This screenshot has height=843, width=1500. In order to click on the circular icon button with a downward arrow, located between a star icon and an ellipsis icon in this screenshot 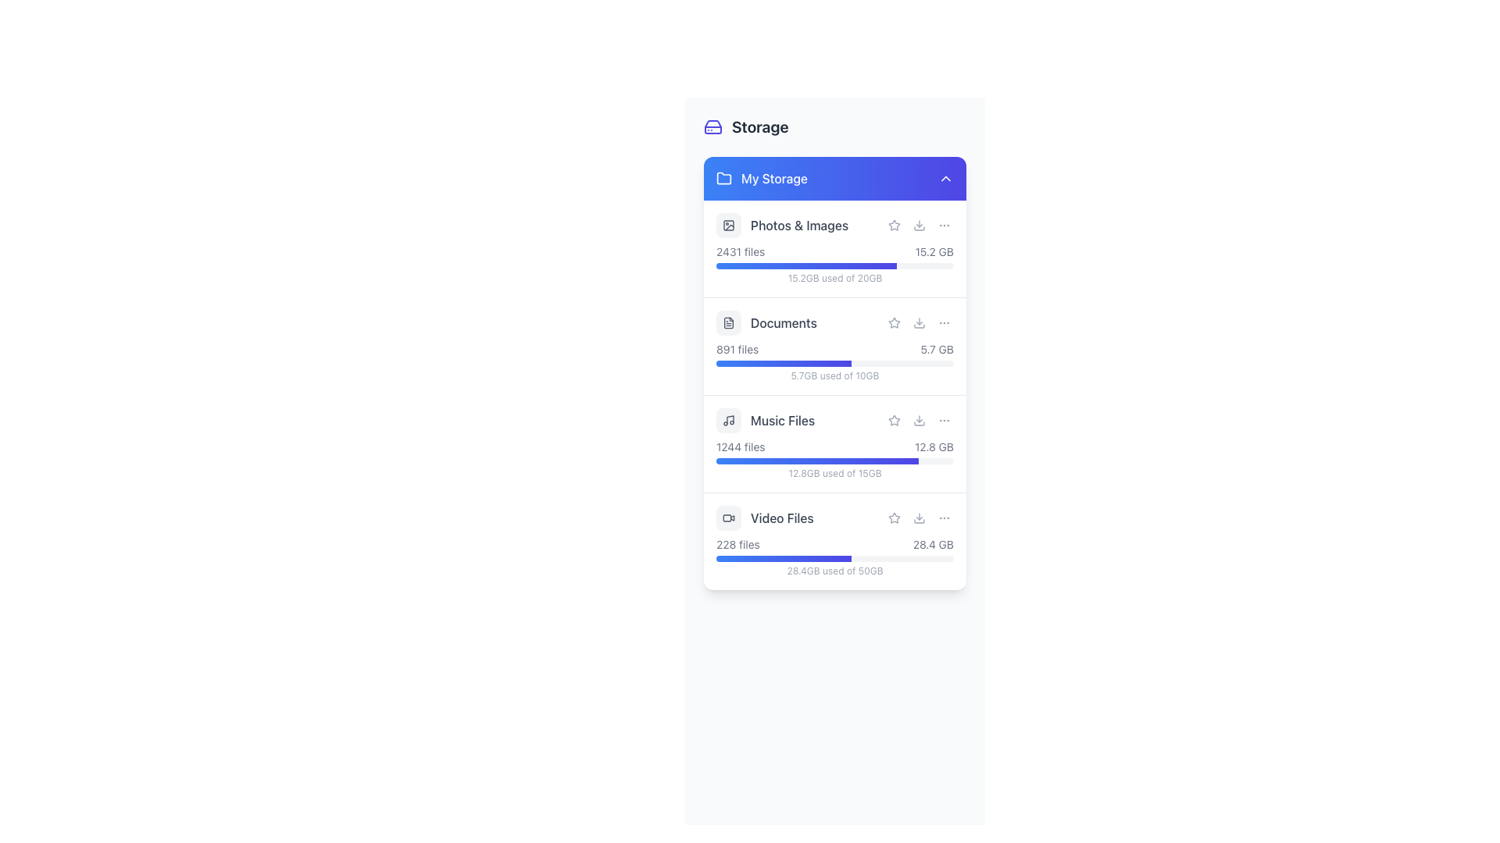, I will do `click(919, 420)`.